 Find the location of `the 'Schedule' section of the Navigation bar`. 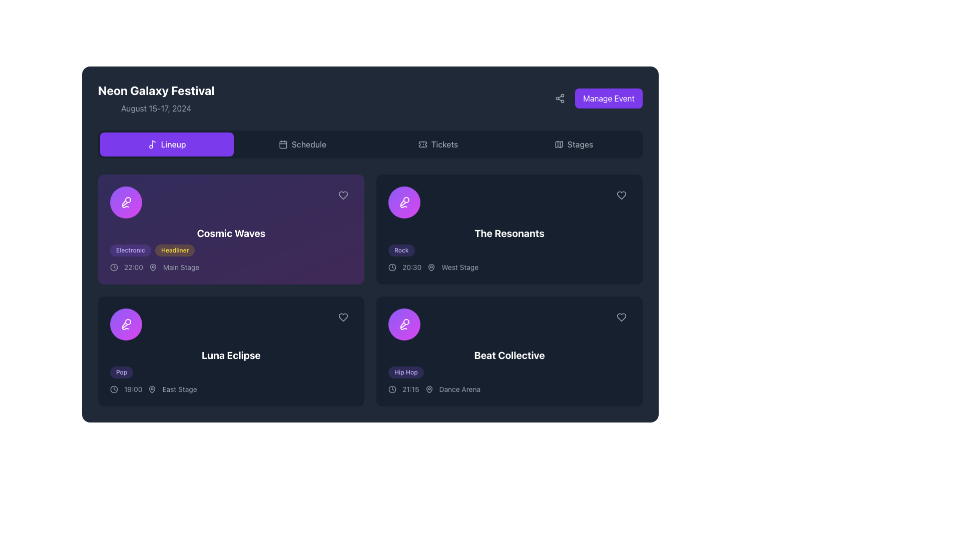

the 'Schedule' section of the Navigation bar is located at coordinates (369, 144).